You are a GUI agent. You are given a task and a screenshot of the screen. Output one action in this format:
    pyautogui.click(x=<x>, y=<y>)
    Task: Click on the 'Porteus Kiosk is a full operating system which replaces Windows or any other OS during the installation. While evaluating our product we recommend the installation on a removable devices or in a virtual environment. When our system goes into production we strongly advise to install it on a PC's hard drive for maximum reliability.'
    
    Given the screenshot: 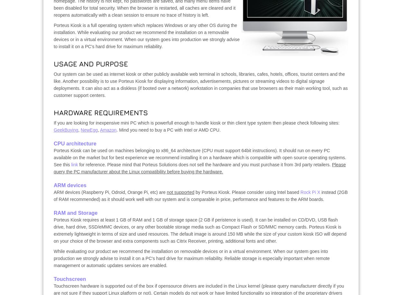 What is the action you would take?
    pyautogui.click(x=146, y=36)
    